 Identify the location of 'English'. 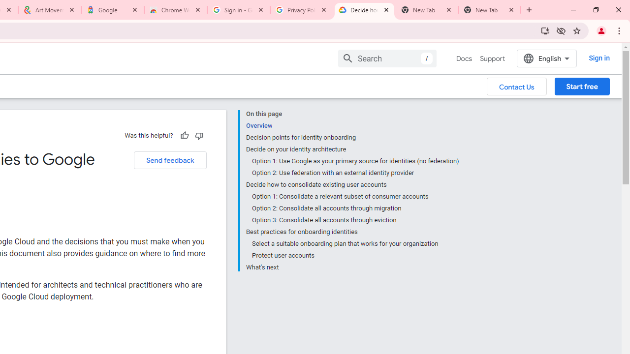
(546, 58).